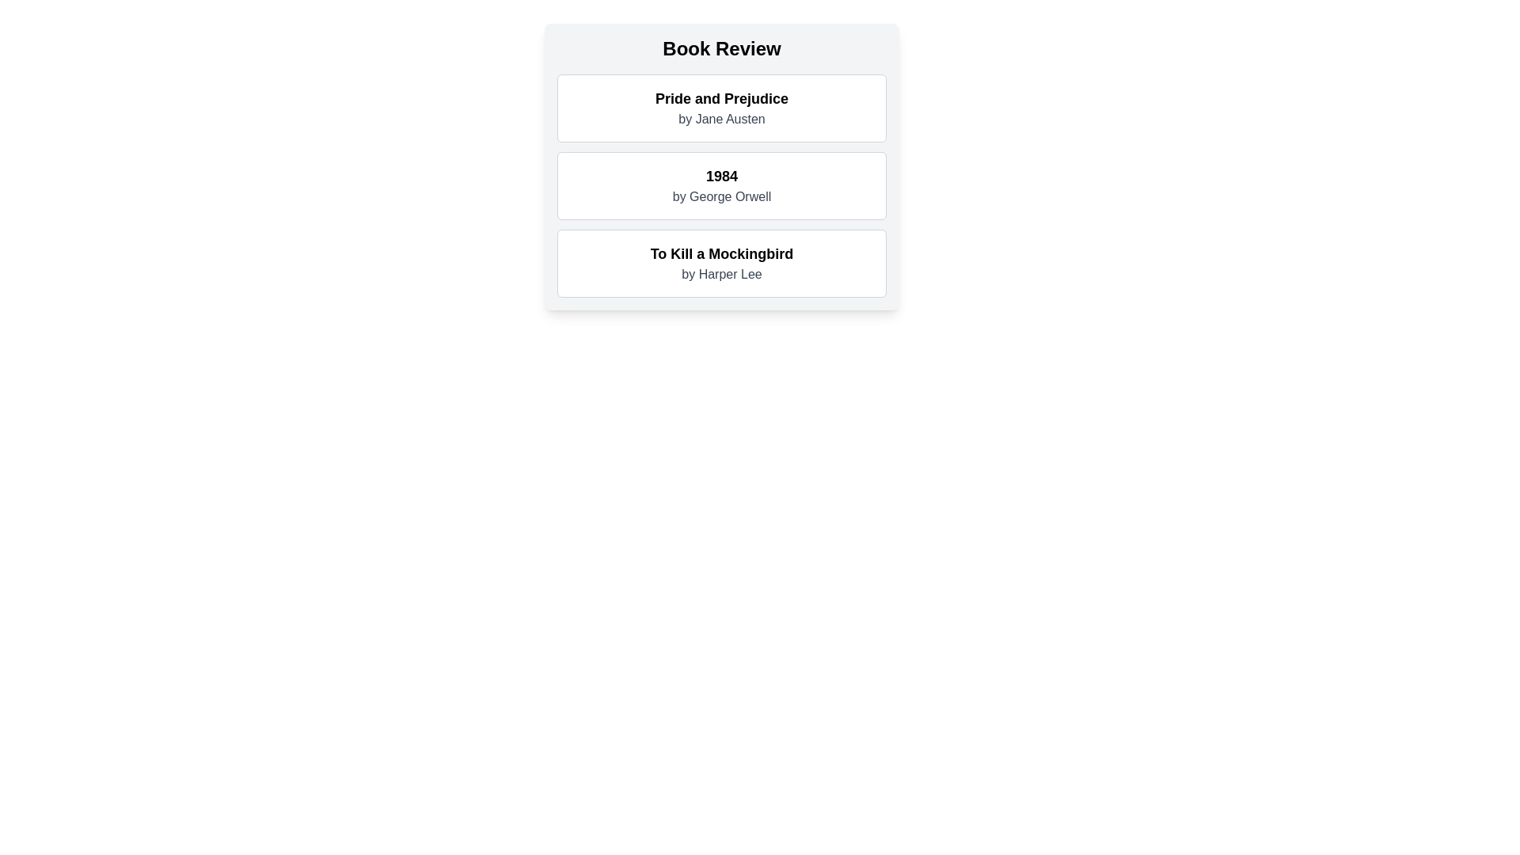 This screenshot has height=855, width=1520. Describe the element at coordinates (721, 185) in the screenshot. I see `the list item titled '1984' by George Orwell, which is the second item in a vertical list with a white background and gray border` at that location.